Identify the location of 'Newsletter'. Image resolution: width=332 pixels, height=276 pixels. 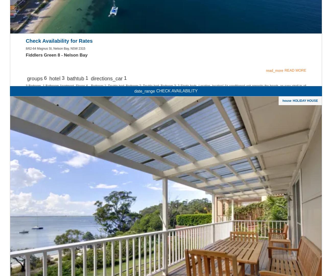
(166, 94).